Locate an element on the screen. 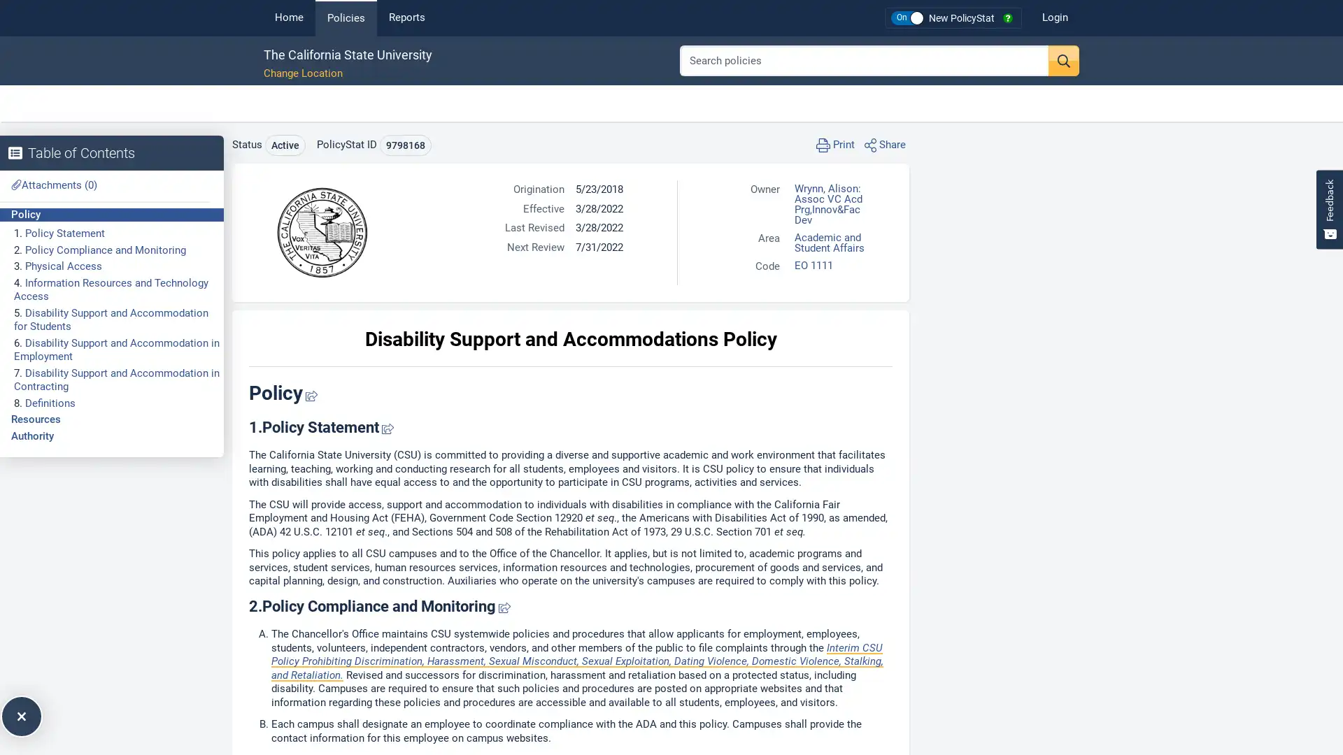 The image size is (1343, 755). Change Location is located at coordinates (302, 73).